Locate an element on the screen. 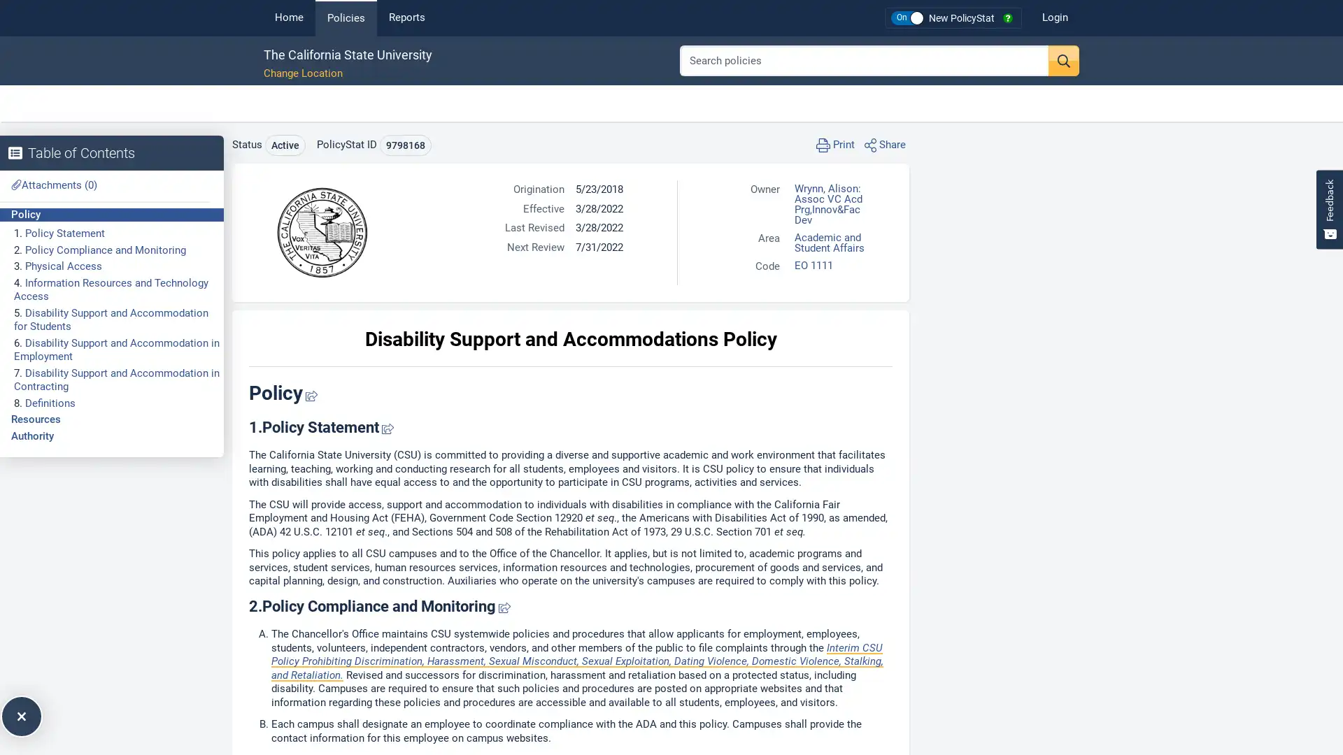 The image size is (1343, 755). Change Location is located at coordinates (302, 73).